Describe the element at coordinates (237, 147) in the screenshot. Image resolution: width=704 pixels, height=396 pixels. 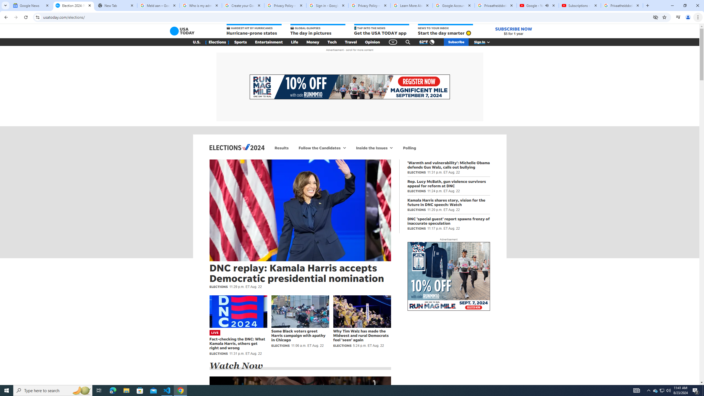
I see `'Elections 2024'` at that location.